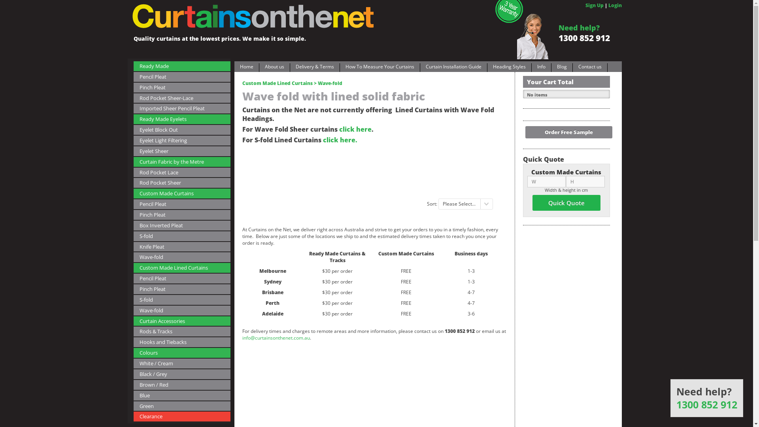 The width and height of the screenshot is (759, 427). Describe the element at coordinates (181, 395) in the screenshot. I see `'Blue'` at that location.